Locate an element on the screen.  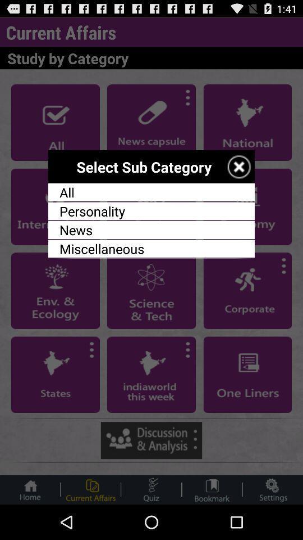
item below the select sub category item is located at coordinates (151, 192).